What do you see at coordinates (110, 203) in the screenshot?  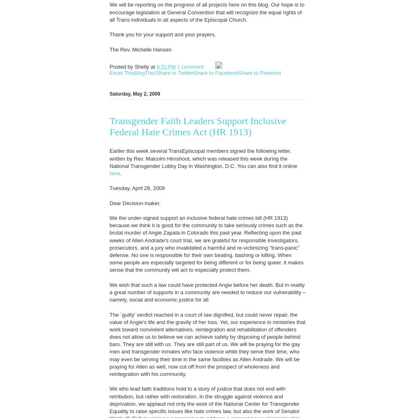 I see `'Dear Decision-maker,'` at bounding box center [110, 203].